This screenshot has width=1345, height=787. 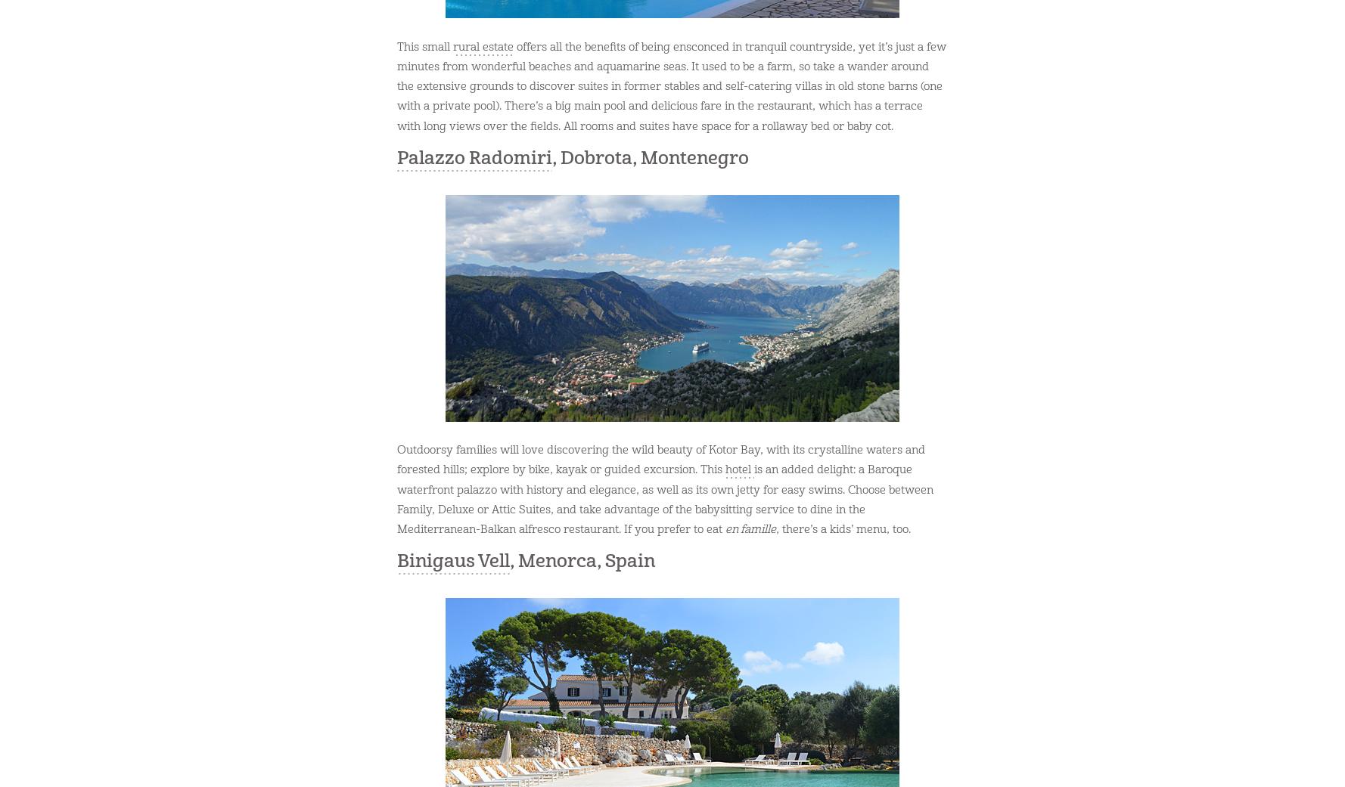 I want to click on 'en famille', so click(x=750, y=528).